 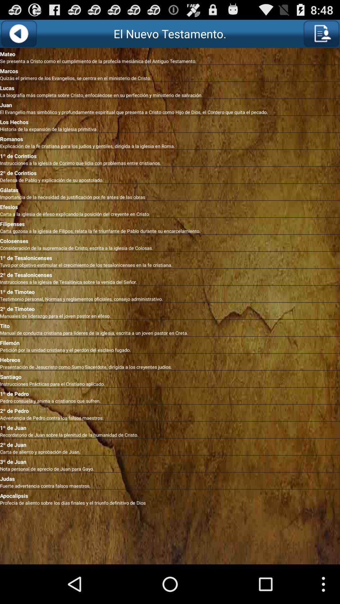 What do you see at coordinates (321, 33) in the screenshot?
I see `item at the top right corner` at bounding box center [321, 33].